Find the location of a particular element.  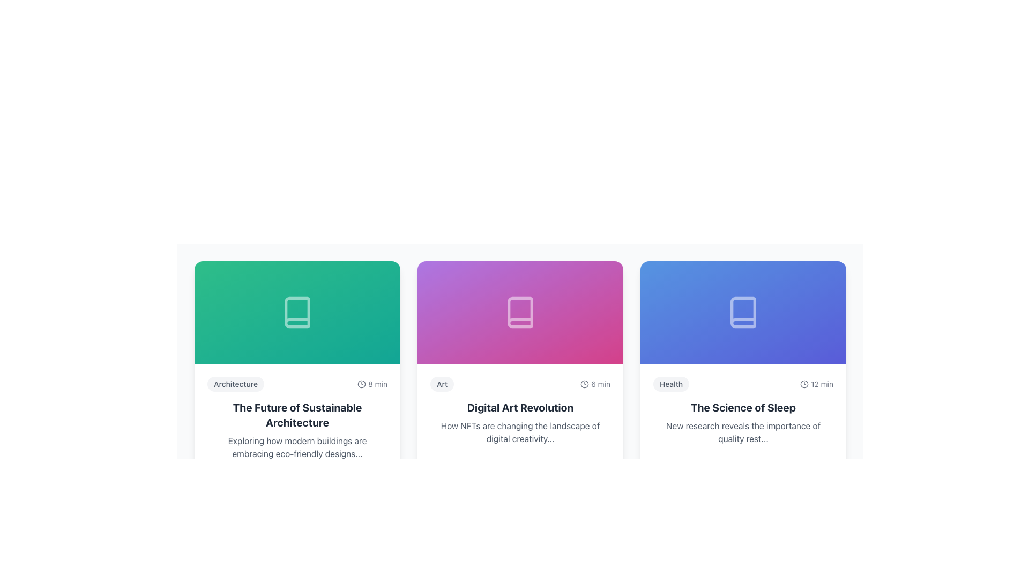

the text element located beneath the title 'The Future of Sustainable Architecture' and above the section with icons and buttons is located at coordinates (297, 447).